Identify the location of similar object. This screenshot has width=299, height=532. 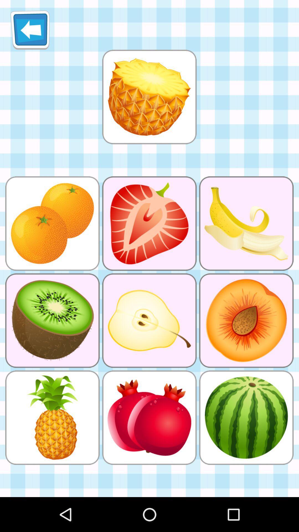
(149, 97).